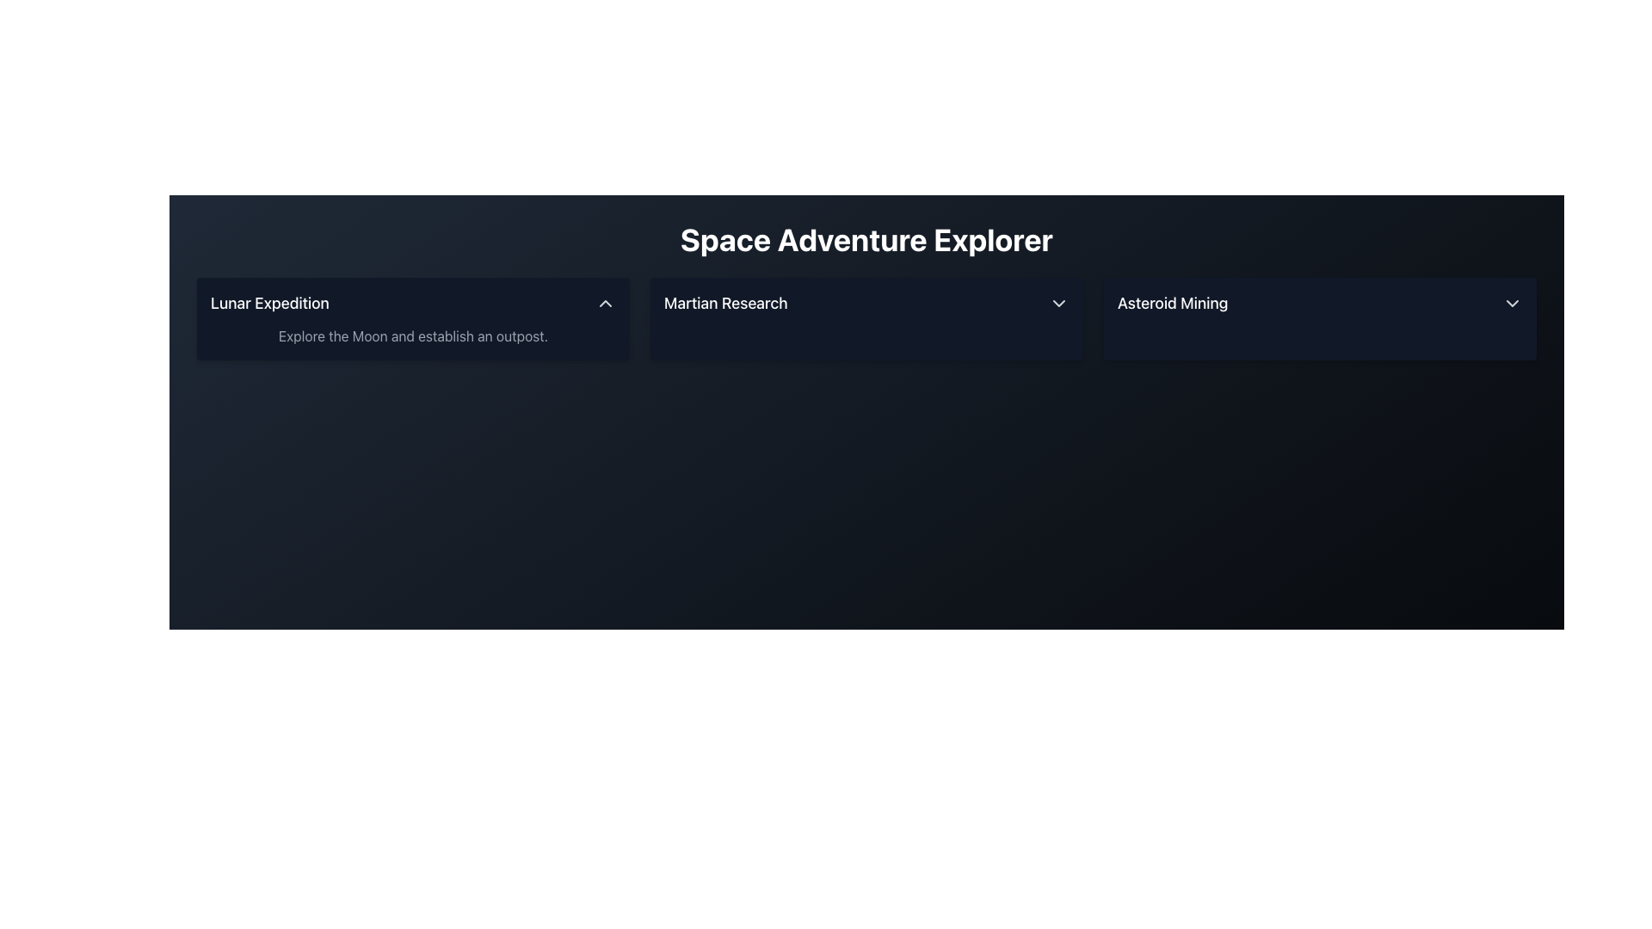  I want to click on the downward-pointing chevron icon located to the right of the text 'Asteroid Mining', so click(1511, 303).